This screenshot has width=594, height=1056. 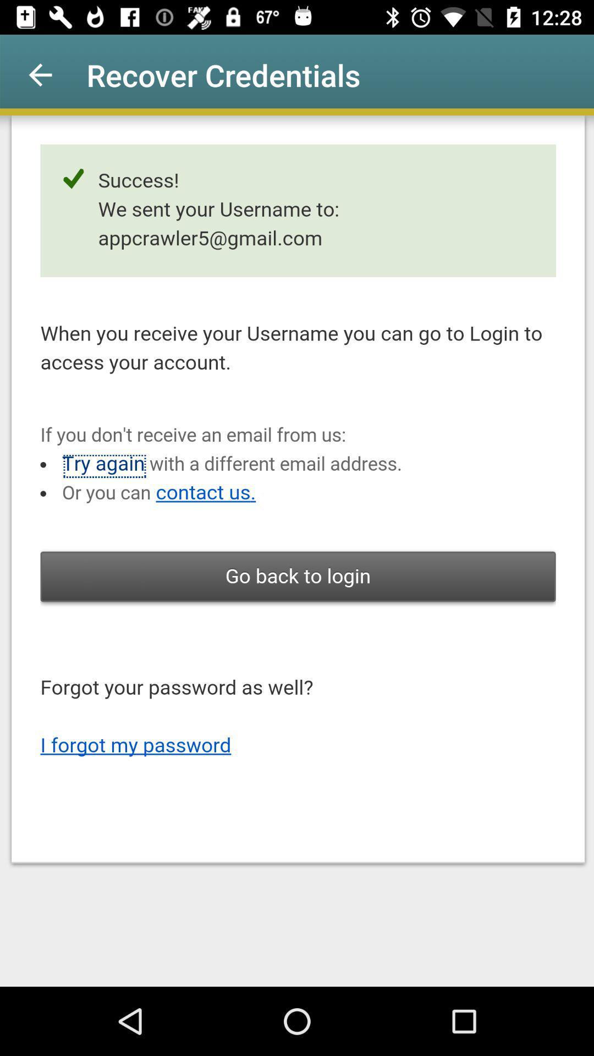 What do you see at coordinates (297, 551) in the screenshot?
I see `the item at the center` at bounding box center [297, 551].